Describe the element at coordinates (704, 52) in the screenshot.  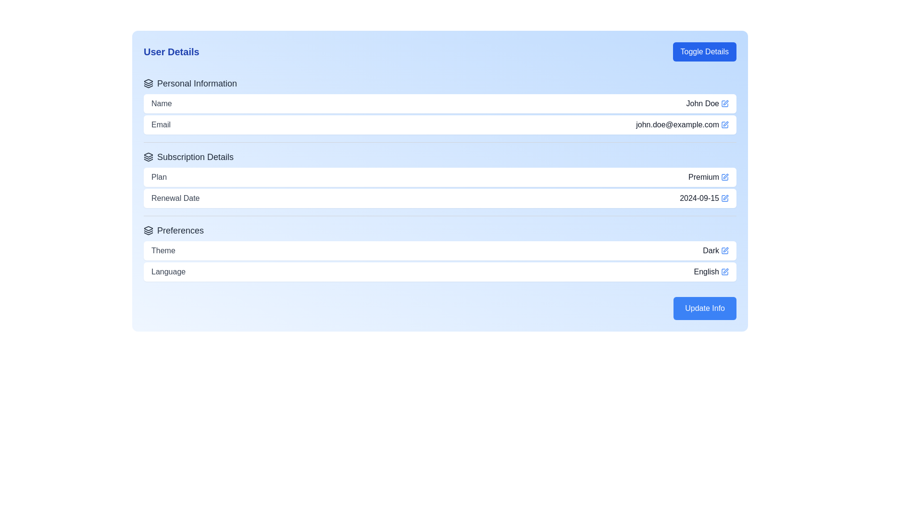
I see `the button in the top-right corner of the 'User Details' section` at that location.